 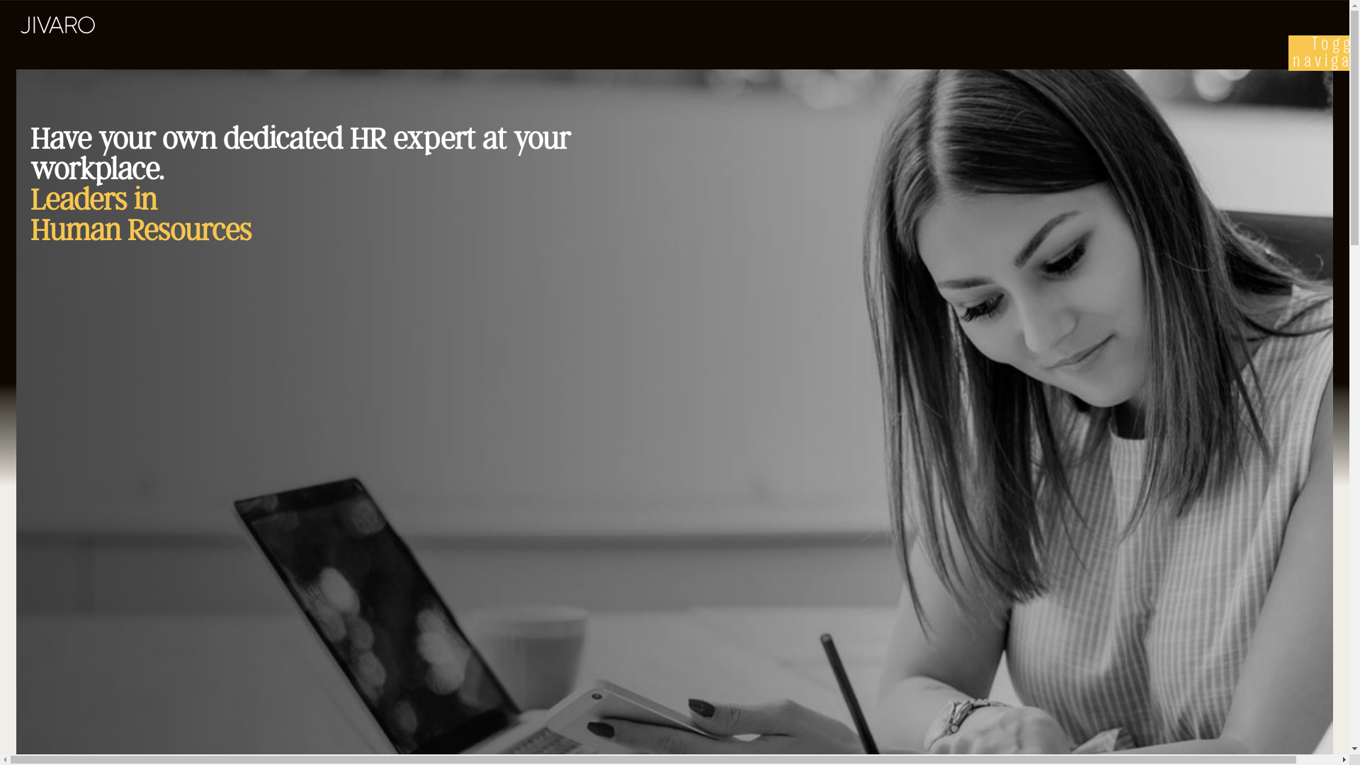 What do you see at coordinates (6, 10) in the screenshot?
I see `'Skip to main content'` at bounding box center [6, 10].